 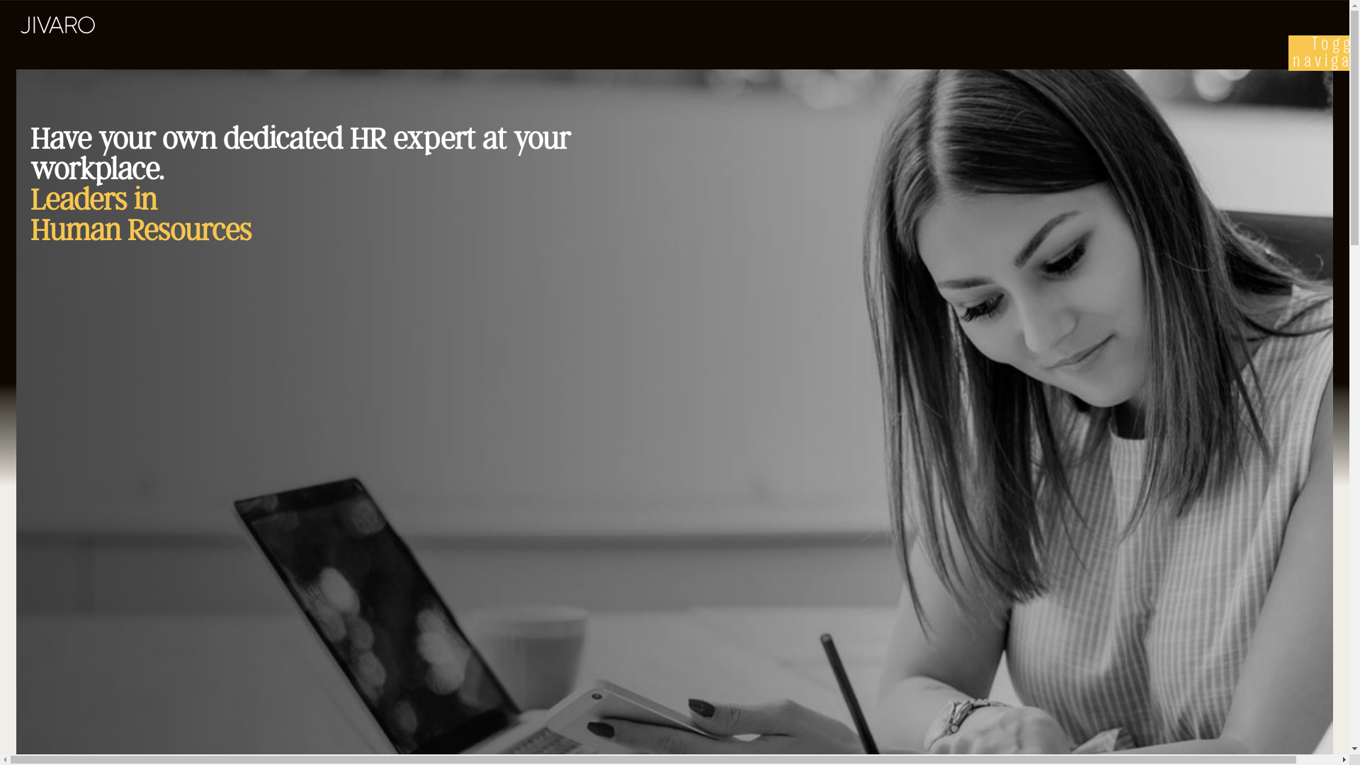 What do you see at coordinates (6, 10) in the screenshot?
I see `'Skip to main content'` at bounding box center [6, 10].